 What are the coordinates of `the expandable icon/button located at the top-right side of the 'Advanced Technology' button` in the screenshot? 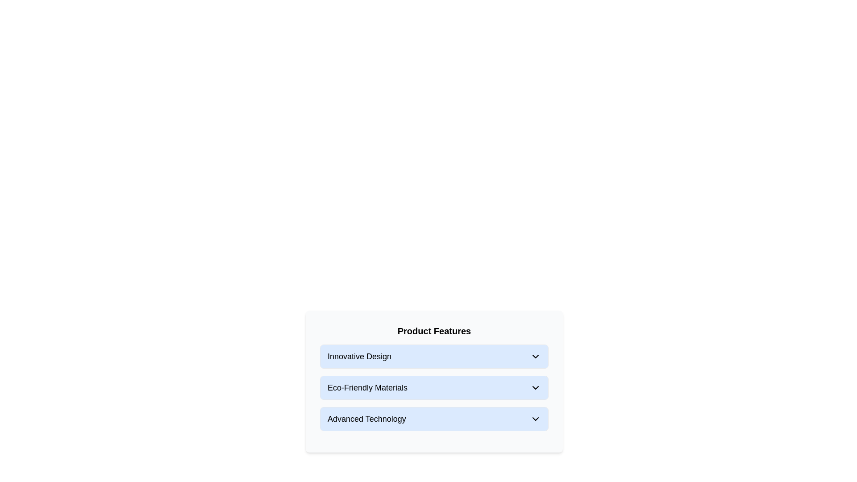 It's located at (536, 419).